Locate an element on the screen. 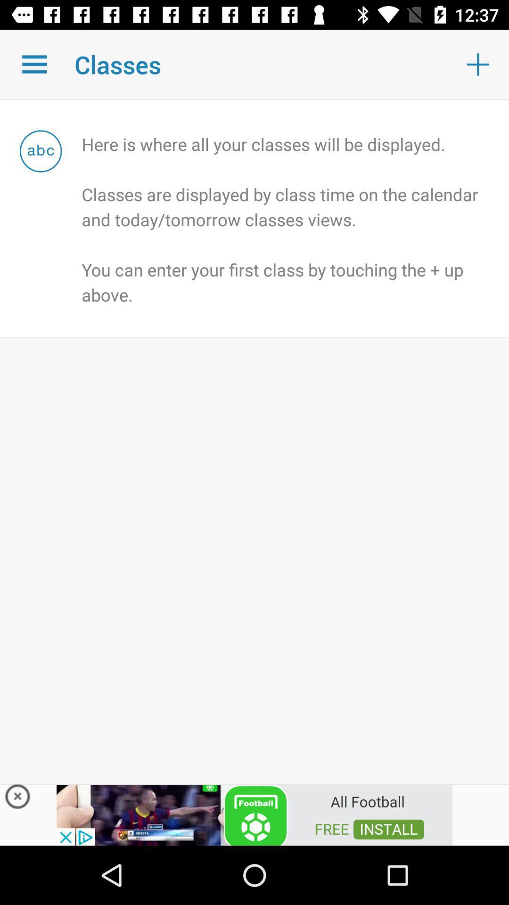 This screenshot has height=905, width=509. advertisement is located at coordinates (254, 814).